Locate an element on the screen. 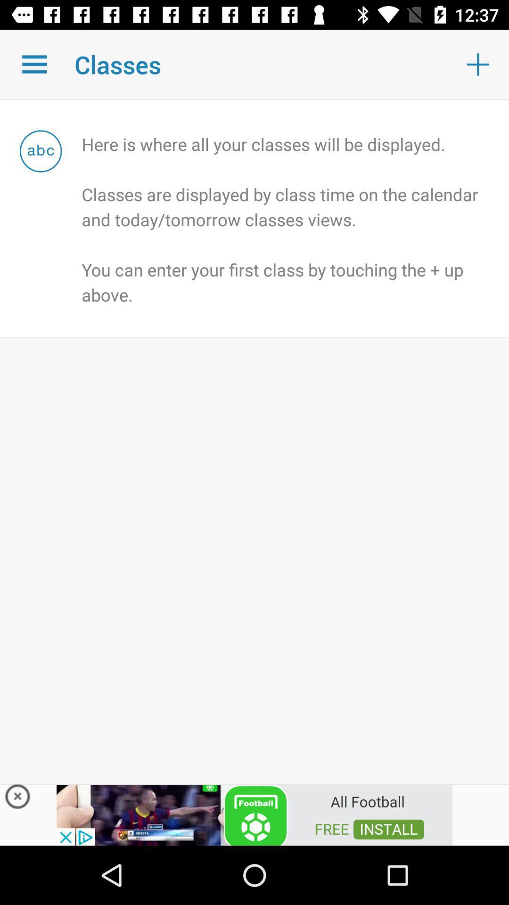 This screenshot has height=905, width=509. advertisement is located at coordinates (254, 814).